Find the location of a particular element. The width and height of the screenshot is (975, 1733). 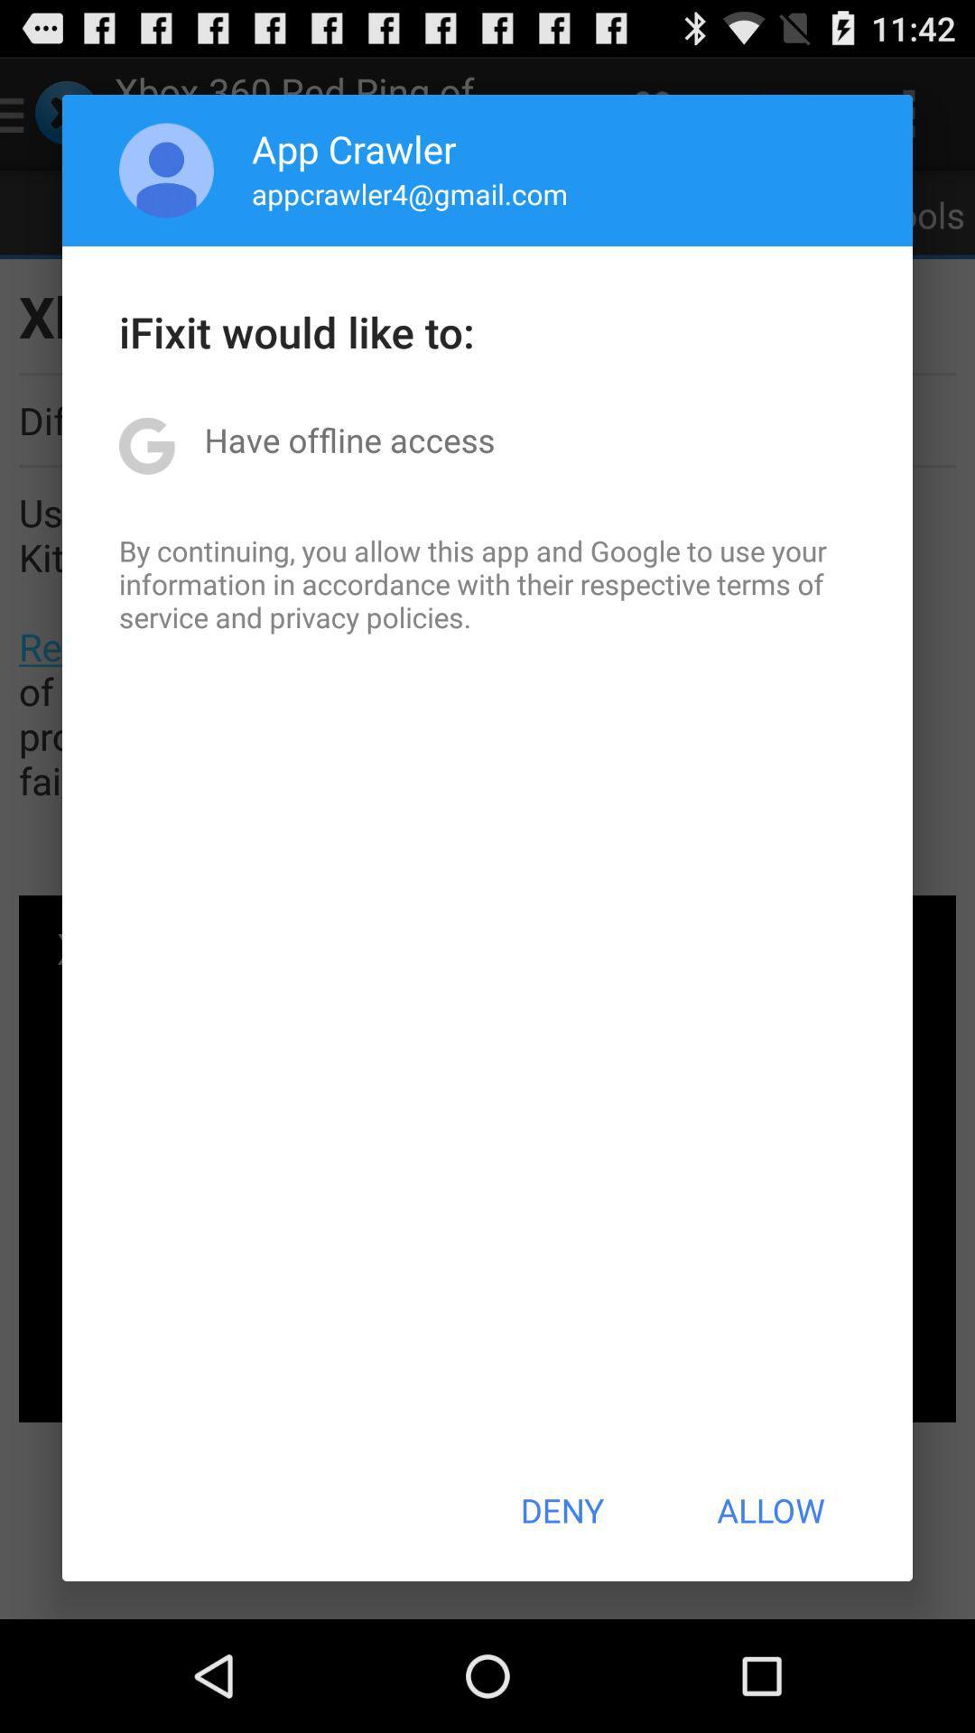

appcrawler4@gmail.com icon is located at coordinates (410, 193).